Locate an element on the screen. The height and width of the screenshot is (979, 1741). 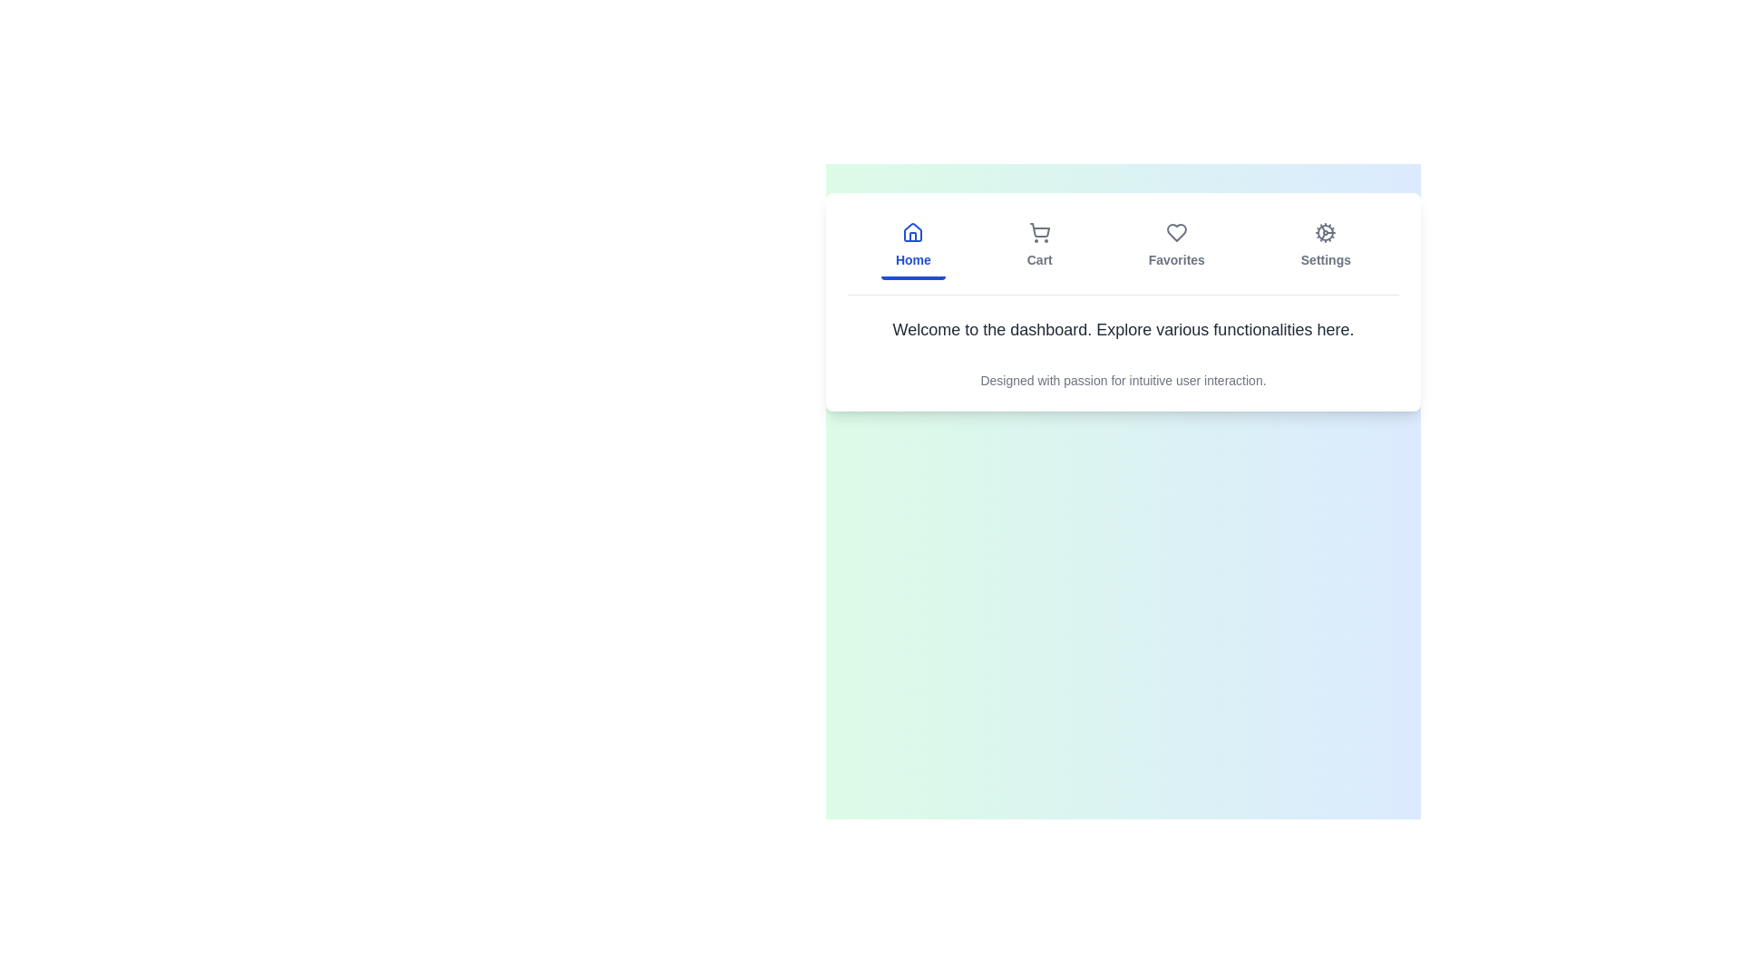
the cogwheel icon representing settings functionality located at the far right in the navigation bar is located at coordinates (1326, 232).